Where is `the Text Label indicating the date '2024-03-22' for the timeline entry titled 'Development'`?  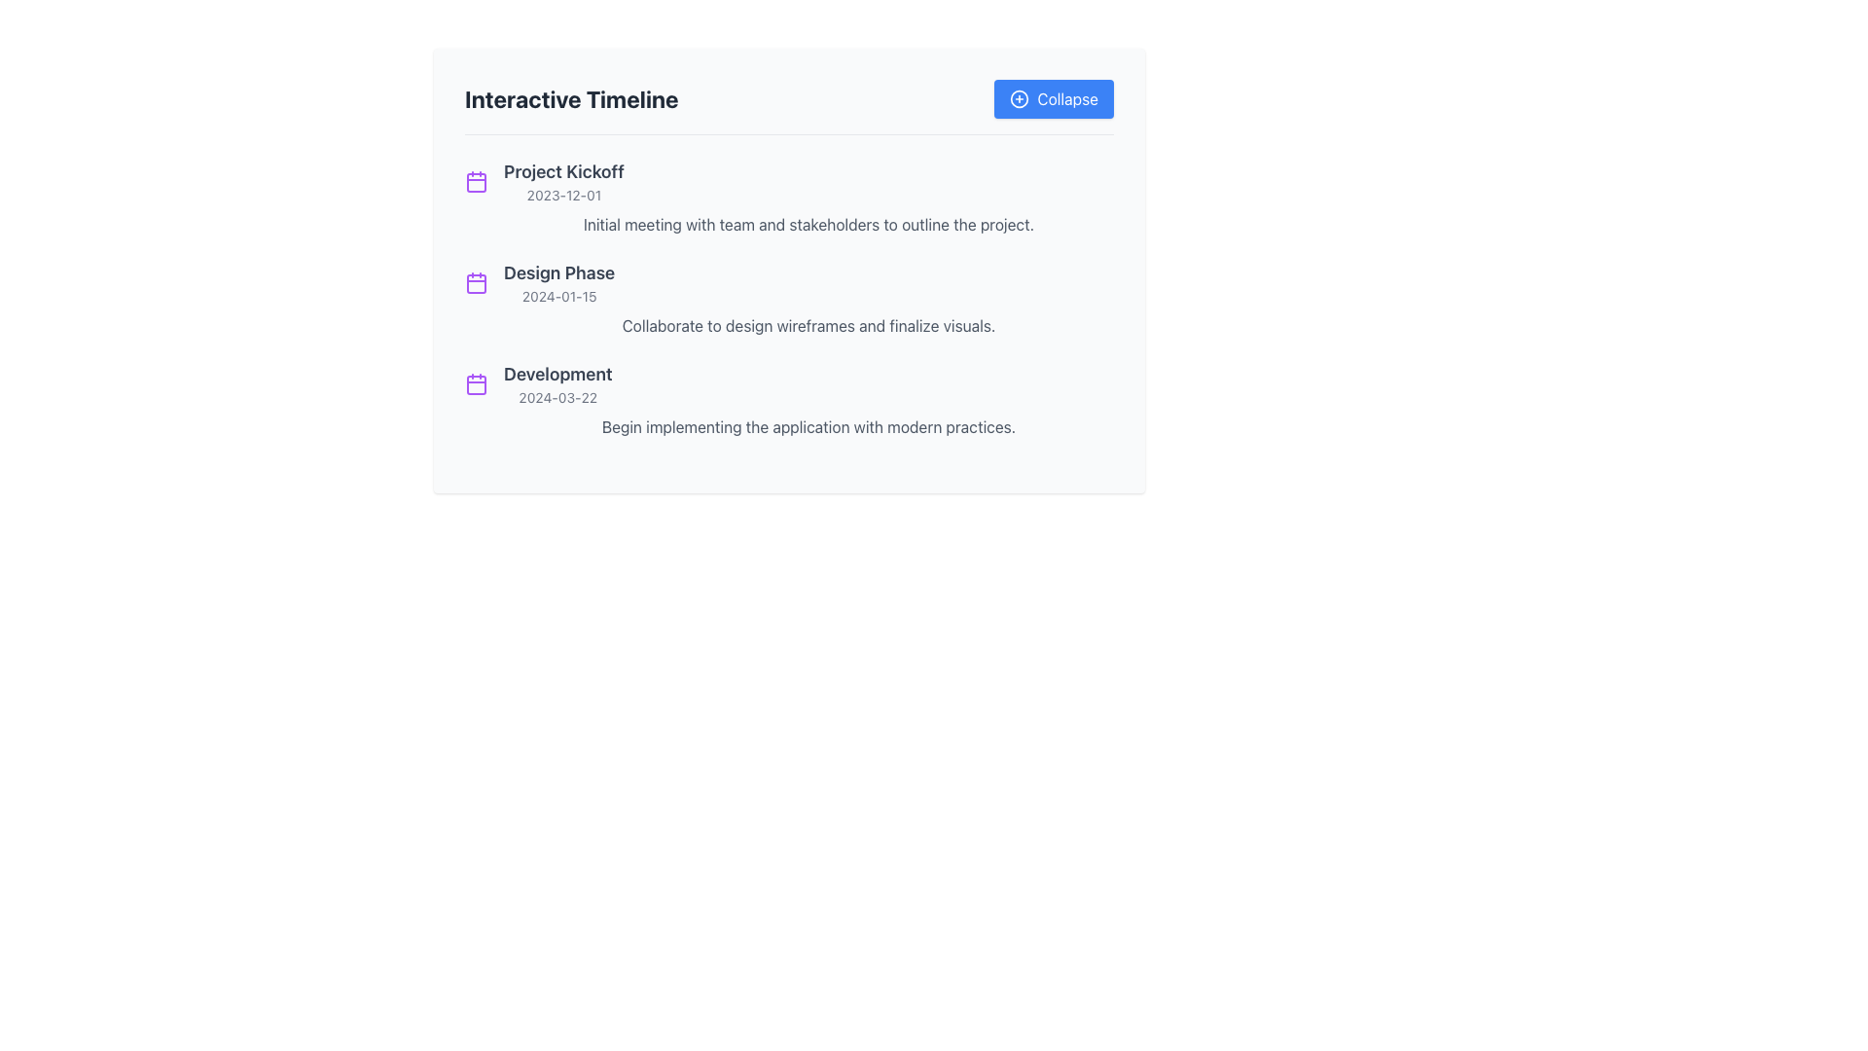
the Text Label indicating the date '2024-03-22' for the timeline entry titled 'Development' is located at coordinates (557, 396).